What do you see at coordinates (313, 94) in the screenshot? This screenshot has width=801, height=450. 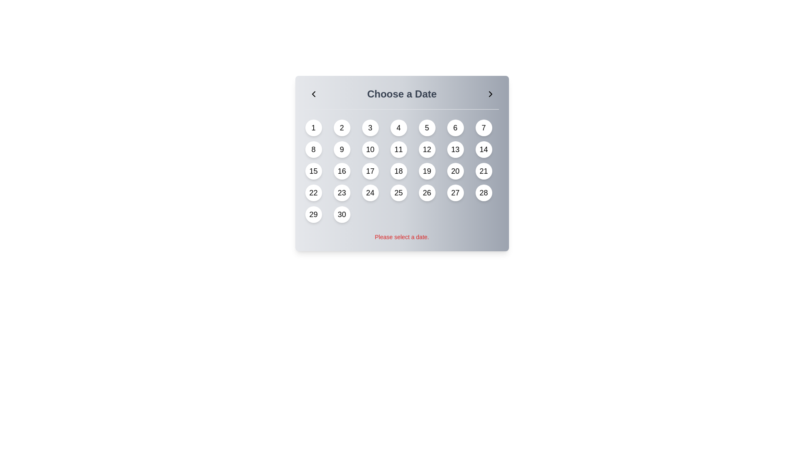 I see `the circular button with a gray-hover background and a left-pointing chevron icon` at bounding box center [313, 94].